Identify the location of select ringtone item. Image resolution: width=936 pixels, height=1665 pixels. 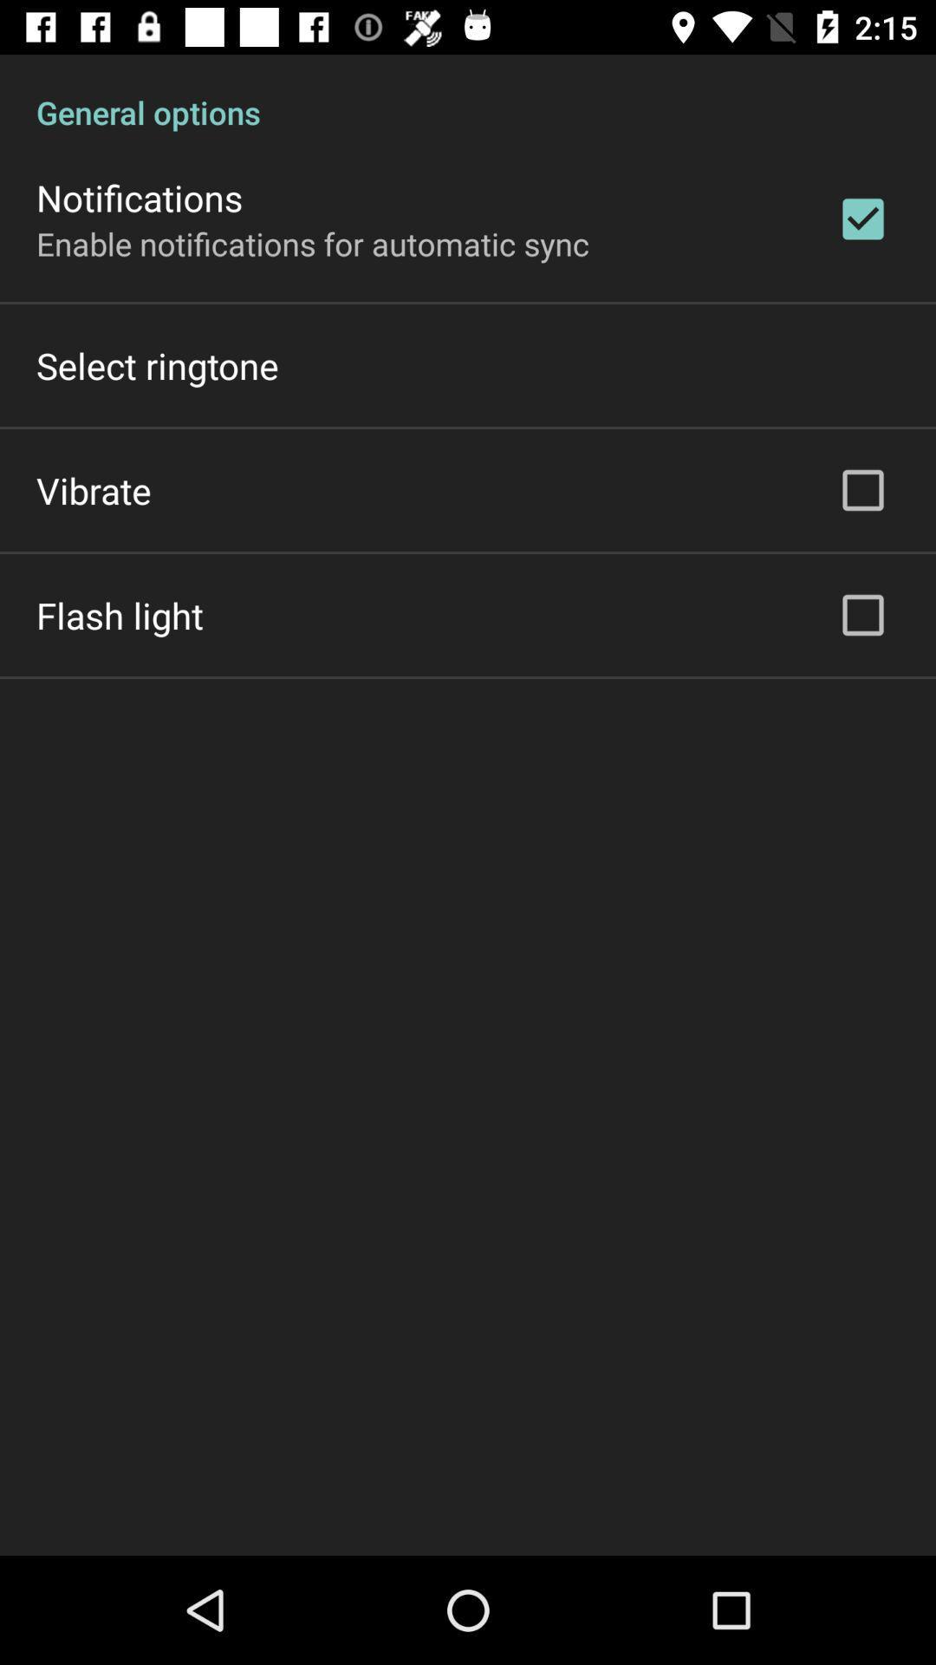
(157, 364).